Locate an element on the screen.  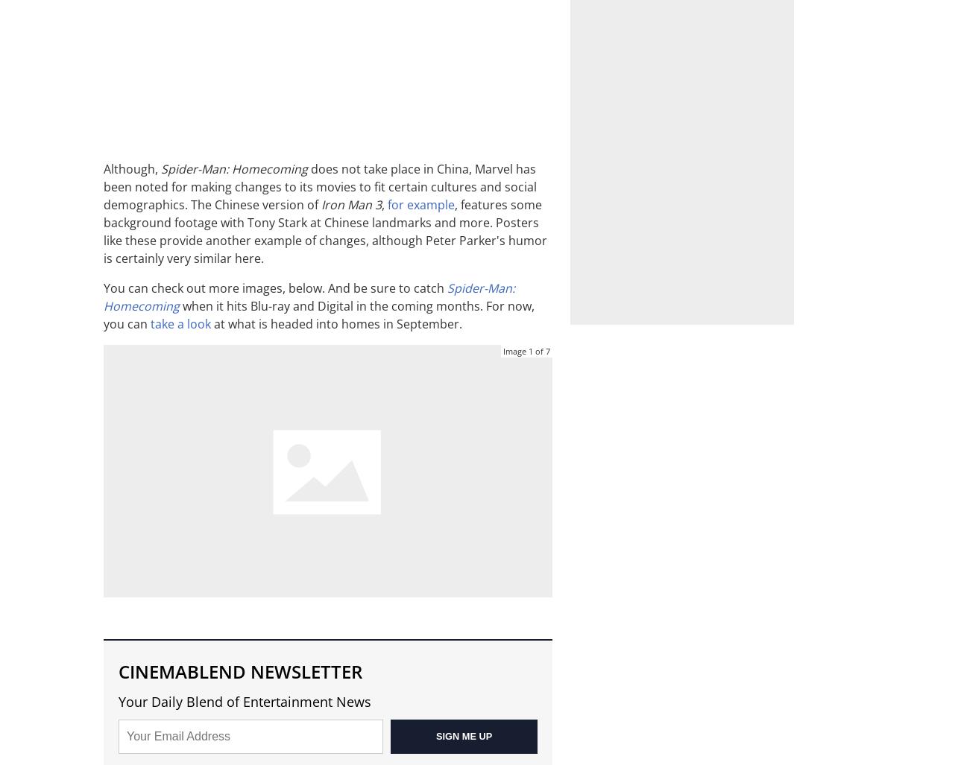
'take a look' is located at coordinates (180, 323).